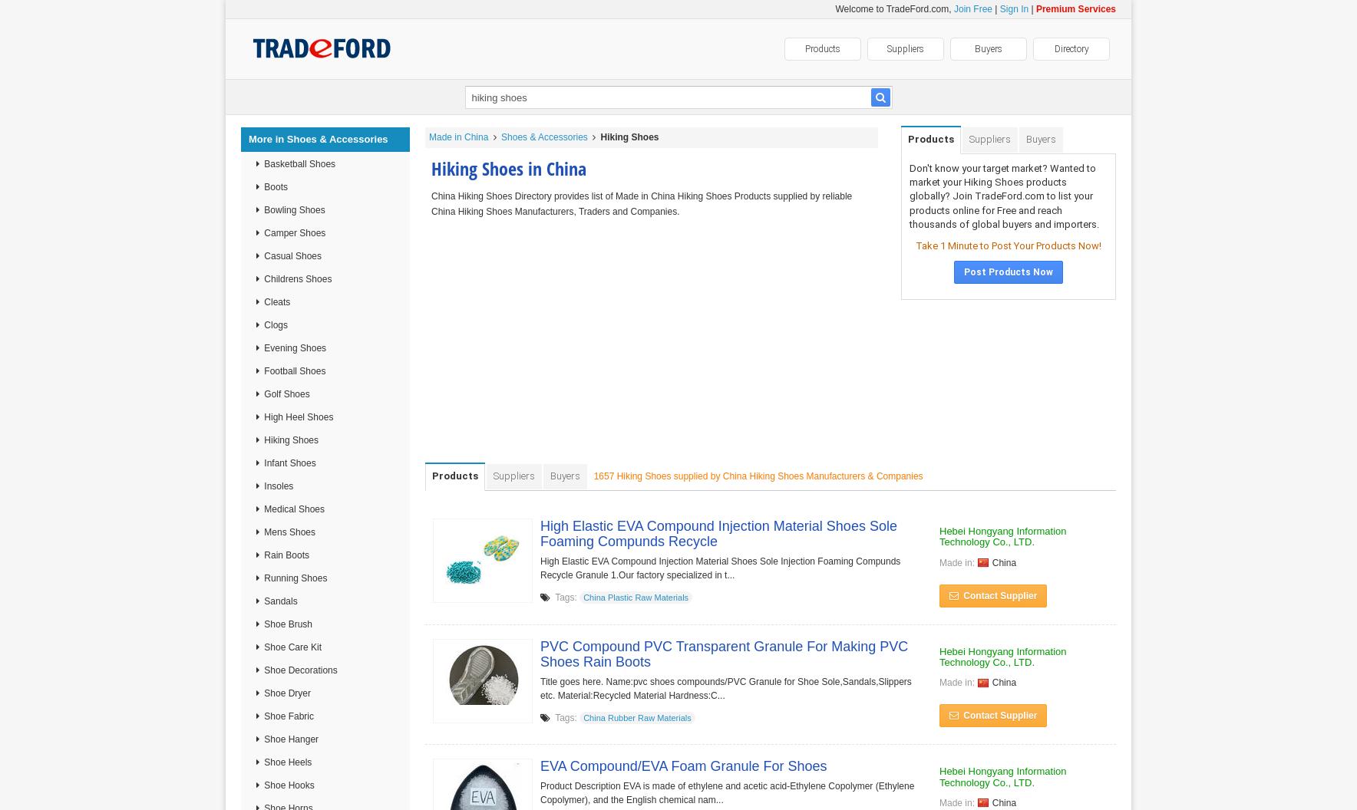 This screenshot has width=1357, height=810. Describe the element at coordinates (717, 534) in the screenshot. I see `'High Elastic EVA Compound Injection Material Shoes Sole Foaming Compunds Recycle'` at that location.